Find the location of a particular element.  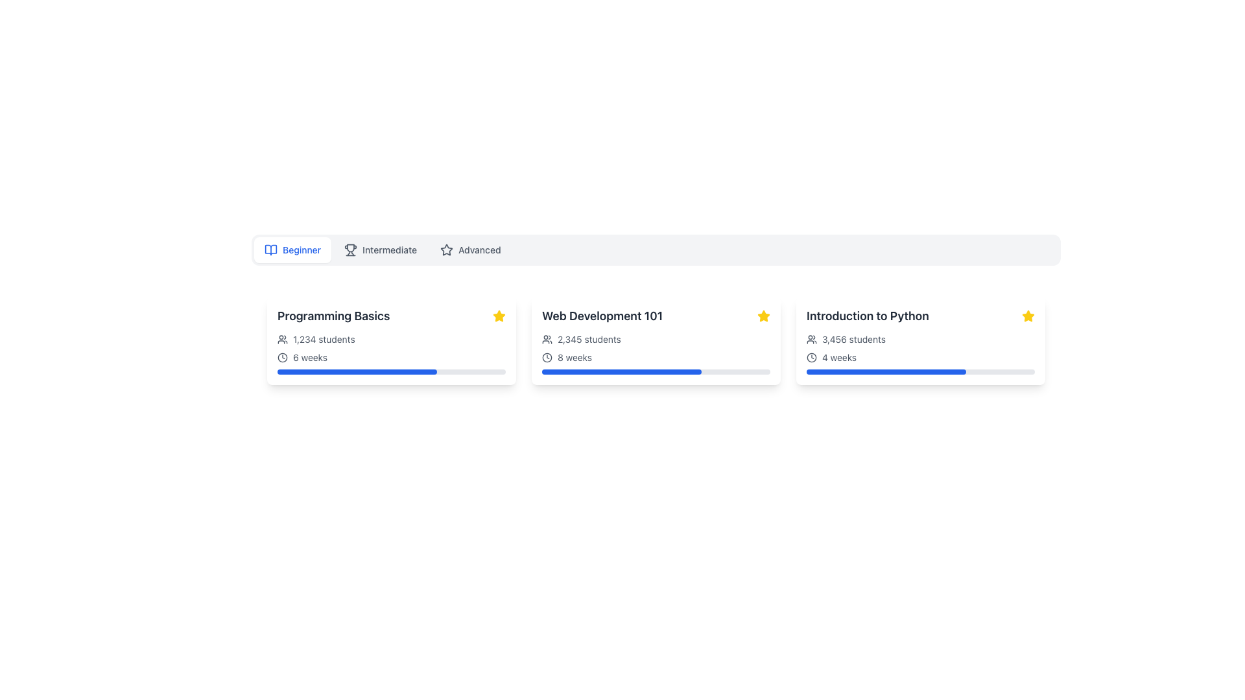

the progress bar located within the 'Introduction to Python' card, positioned underneath the '4 weeks' text is located at coordinates (920, 372).